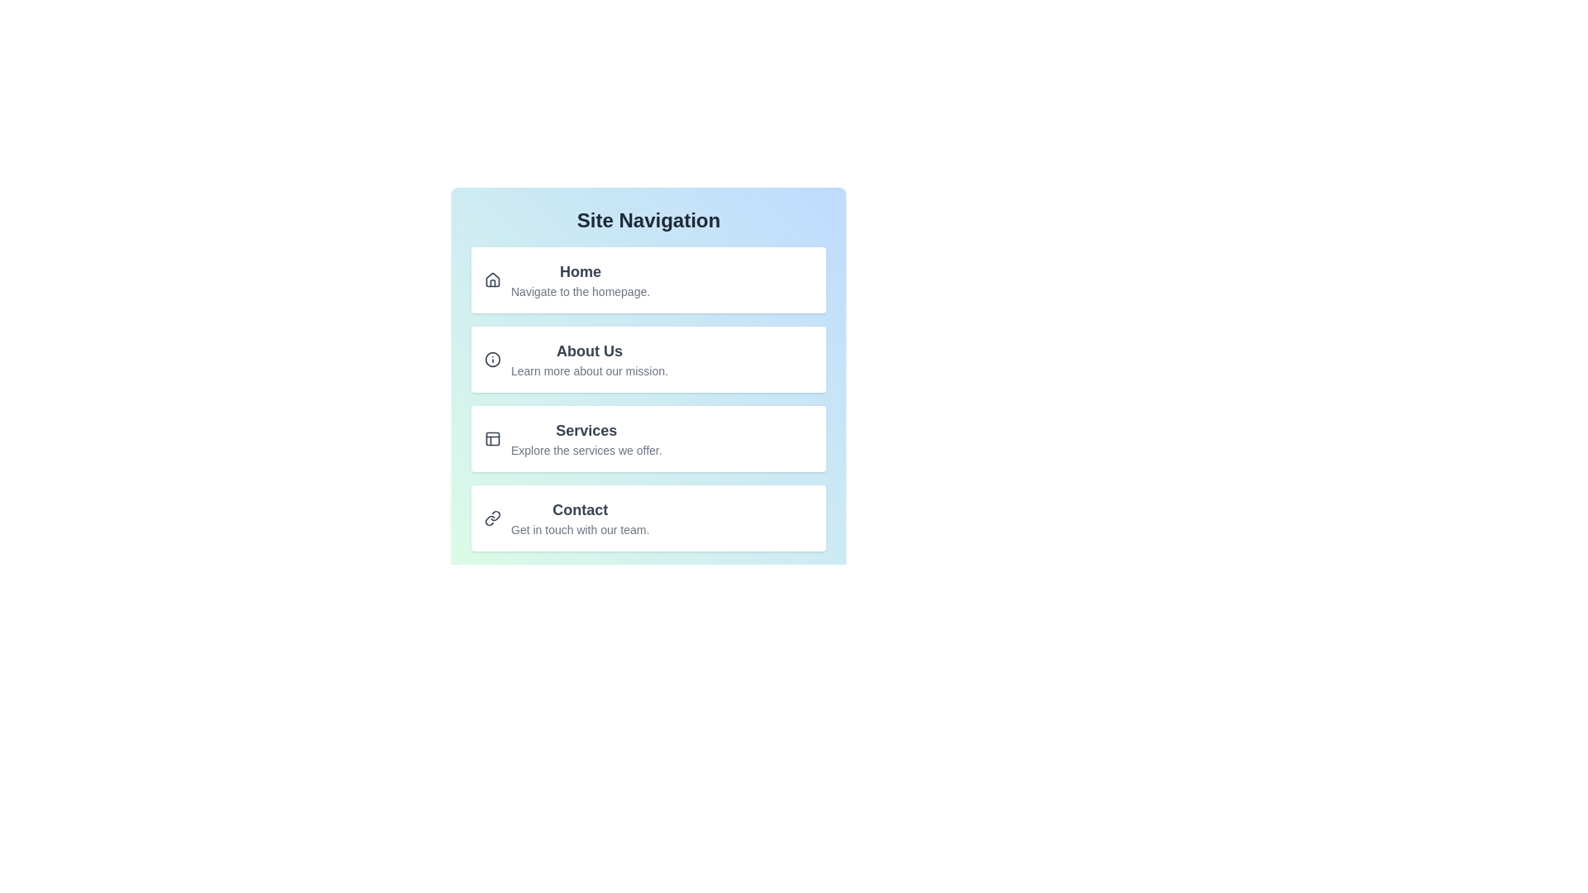  Describe the element at coordinates (581, 291) in the screenshot. I see `the text label reading 'Navigate to the homepage.' located in the 'Home' section of the navigation panel` at that location.